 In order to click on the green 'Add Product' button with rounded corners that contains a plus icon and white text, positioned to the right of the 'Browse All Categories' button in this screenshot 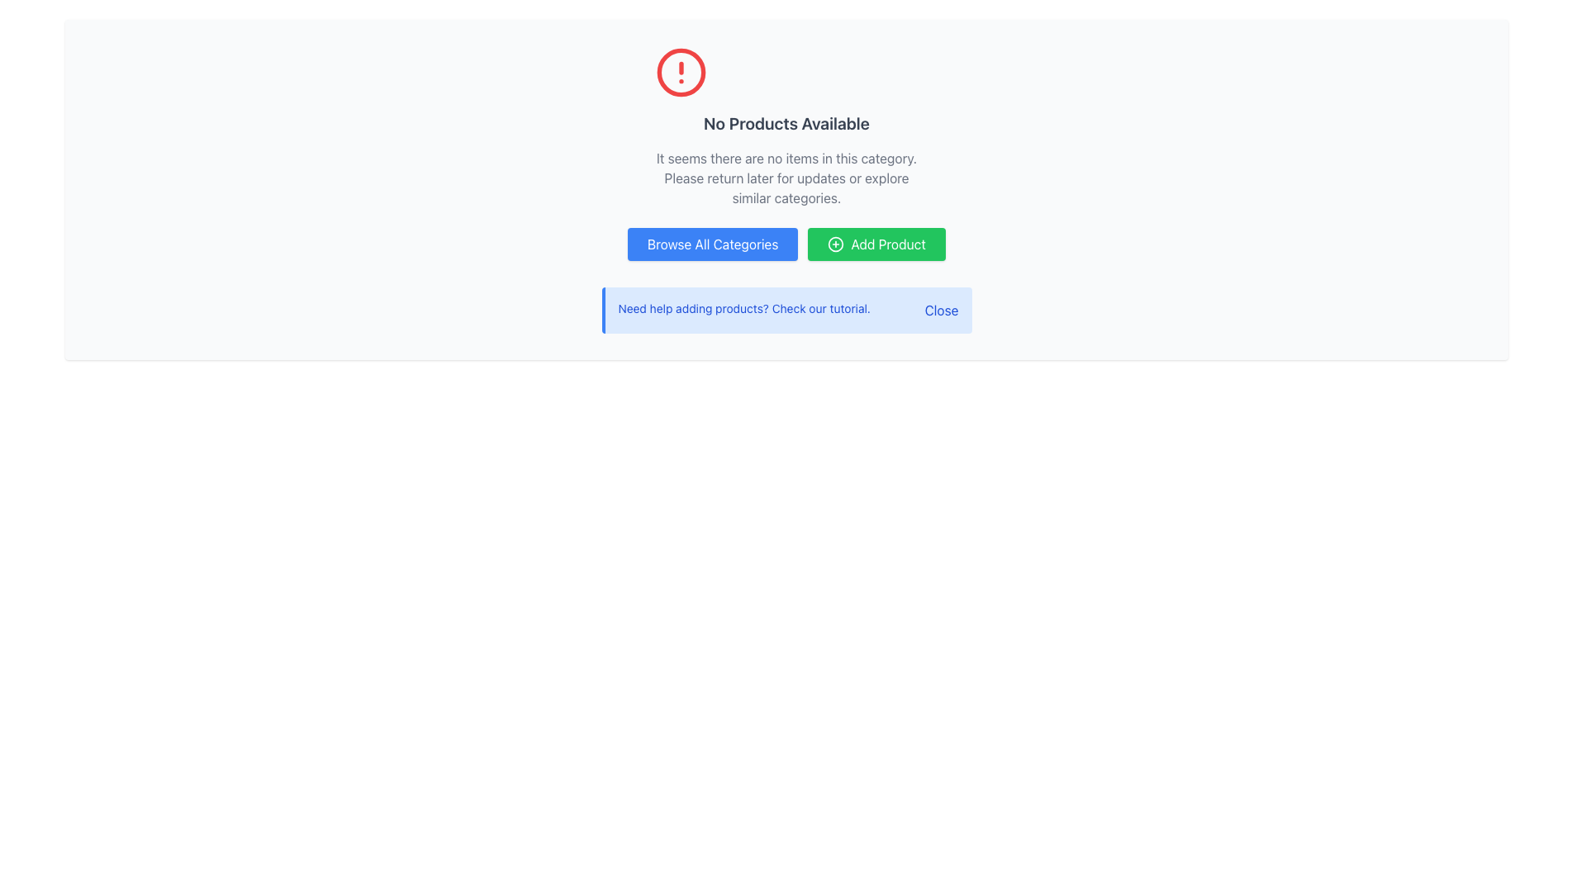, I will do `click(876, 244)`.